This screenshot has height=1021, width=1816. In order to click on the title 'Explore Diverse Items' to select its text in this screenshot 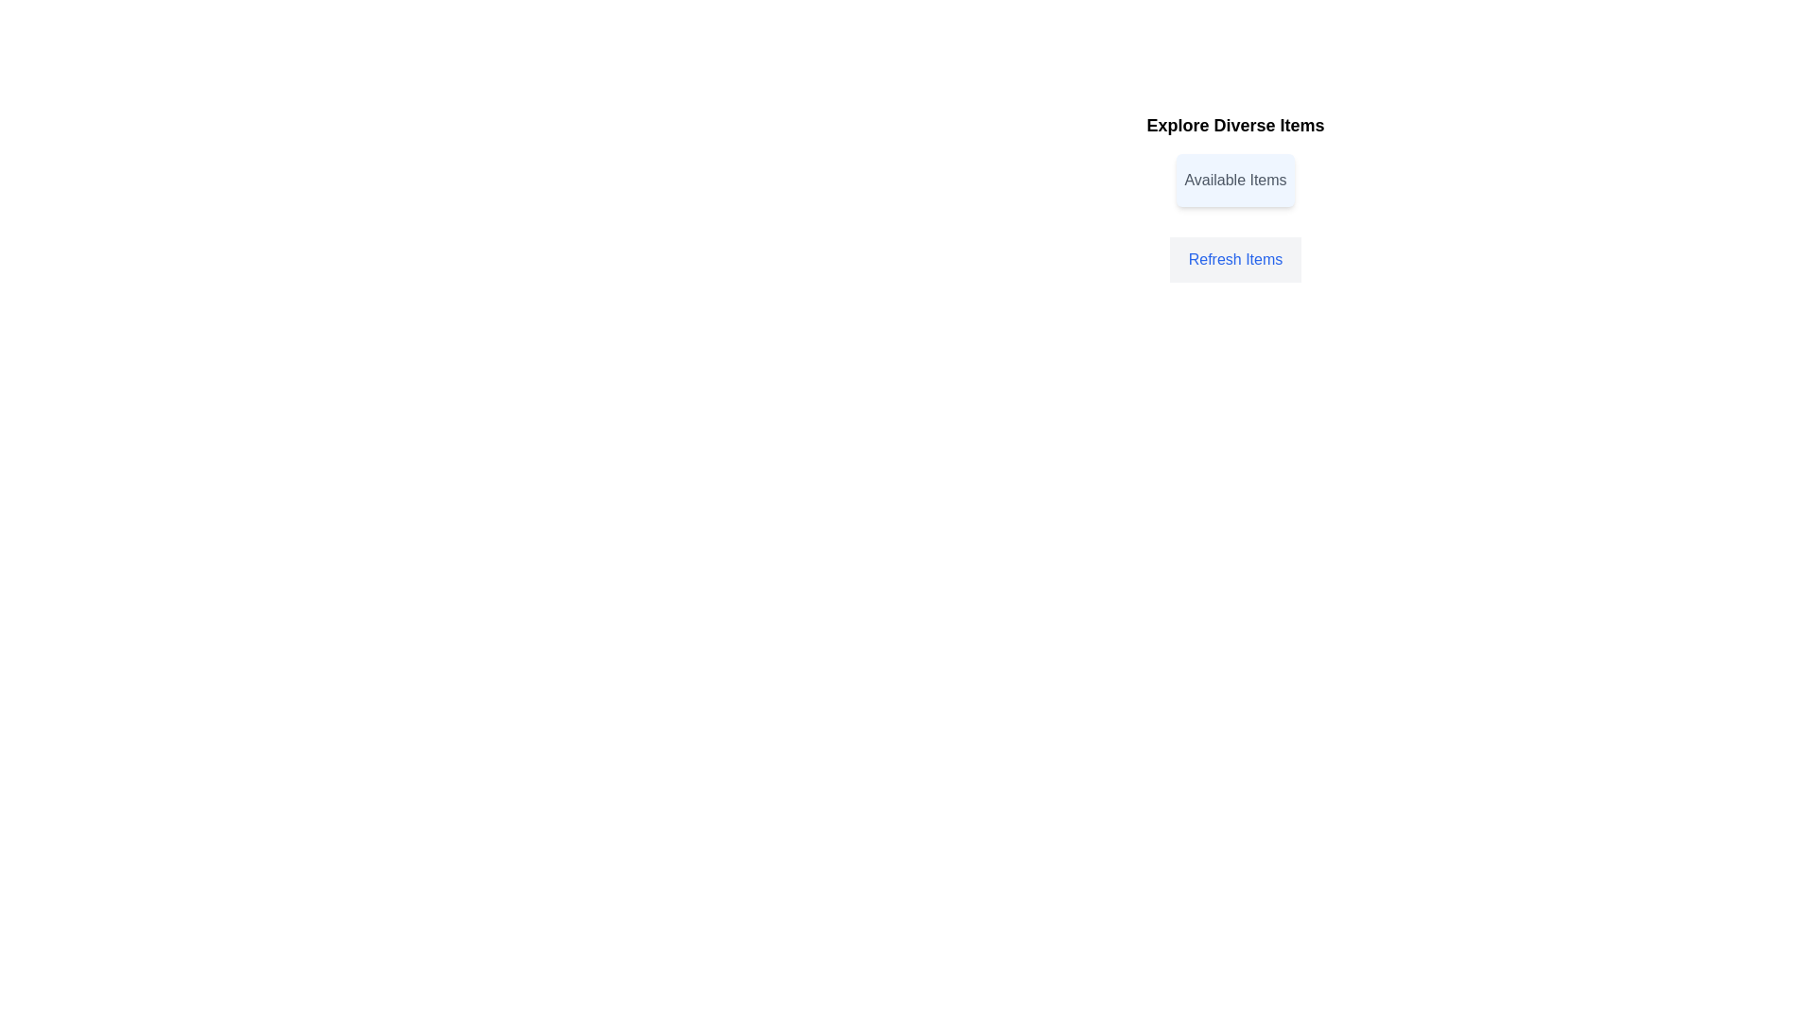, I will do `click(1235, 125)`.